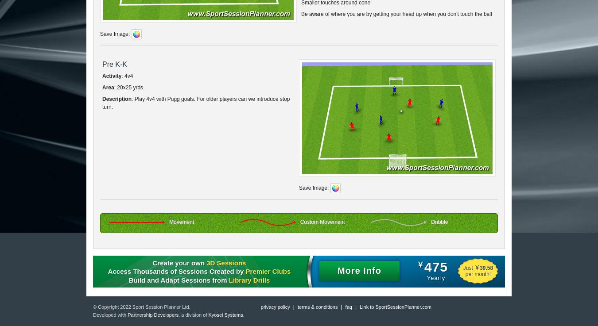  What do you see at coordinates (114, 64) in the screenshot?
I see `'Pre K-K'` at bounding box center [114, 64].